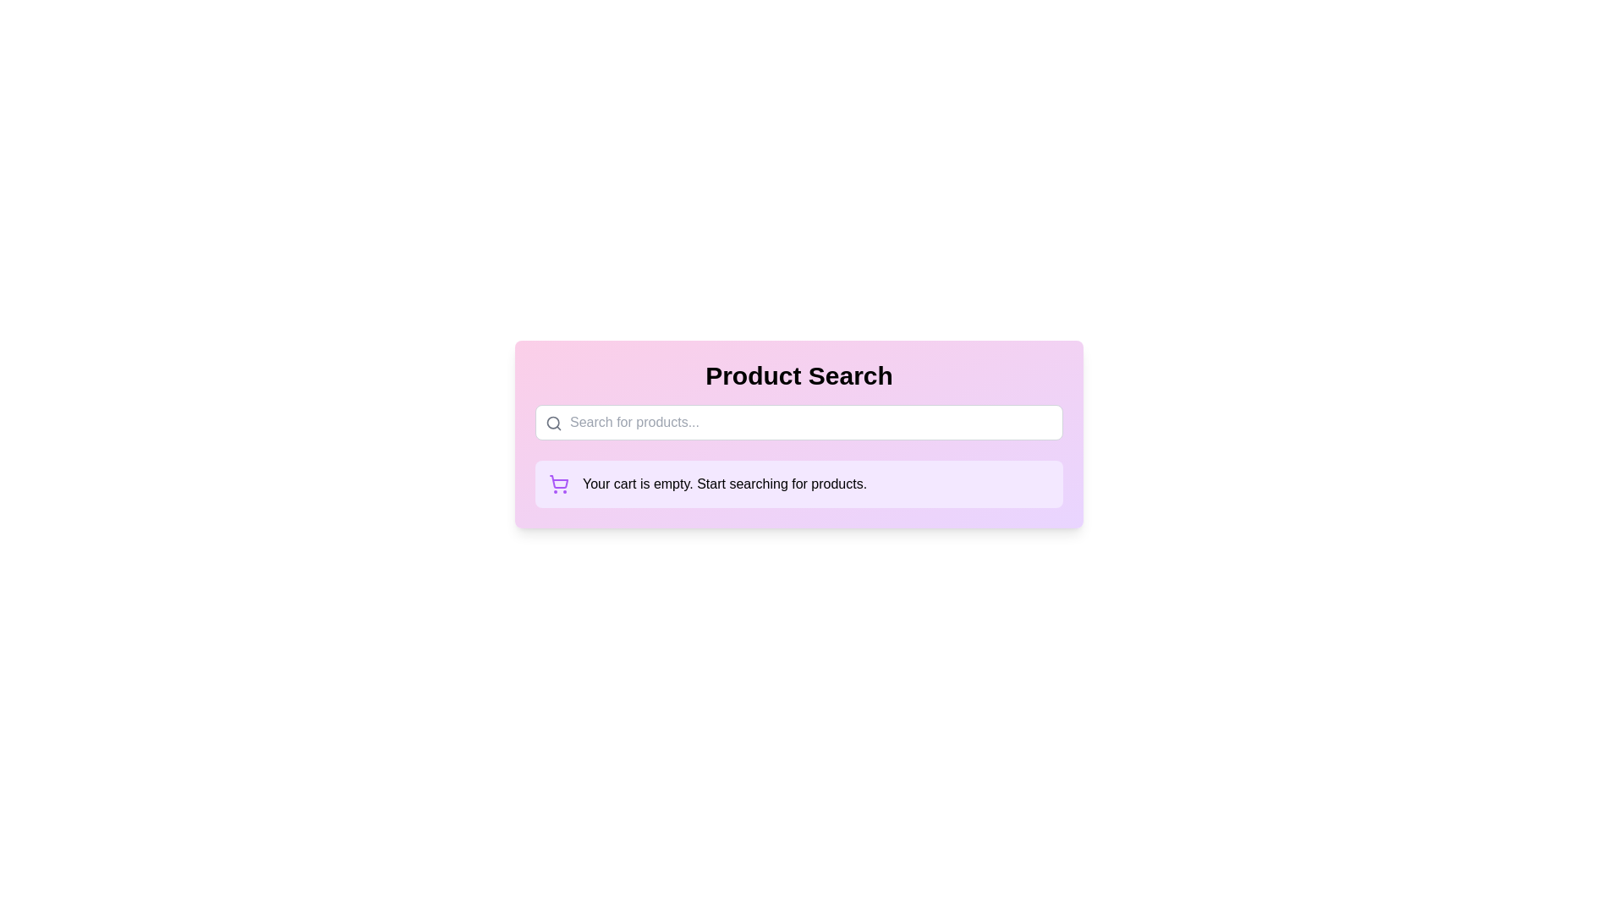 The width and height of the screenshot is (1624, 913). What do you see at coordinates (553, 423) in the screenshot?
I see `the Search Icon, which resembles a magnifying glass and is positioned on the left side of the search input field` at bounding box center [553, 423].